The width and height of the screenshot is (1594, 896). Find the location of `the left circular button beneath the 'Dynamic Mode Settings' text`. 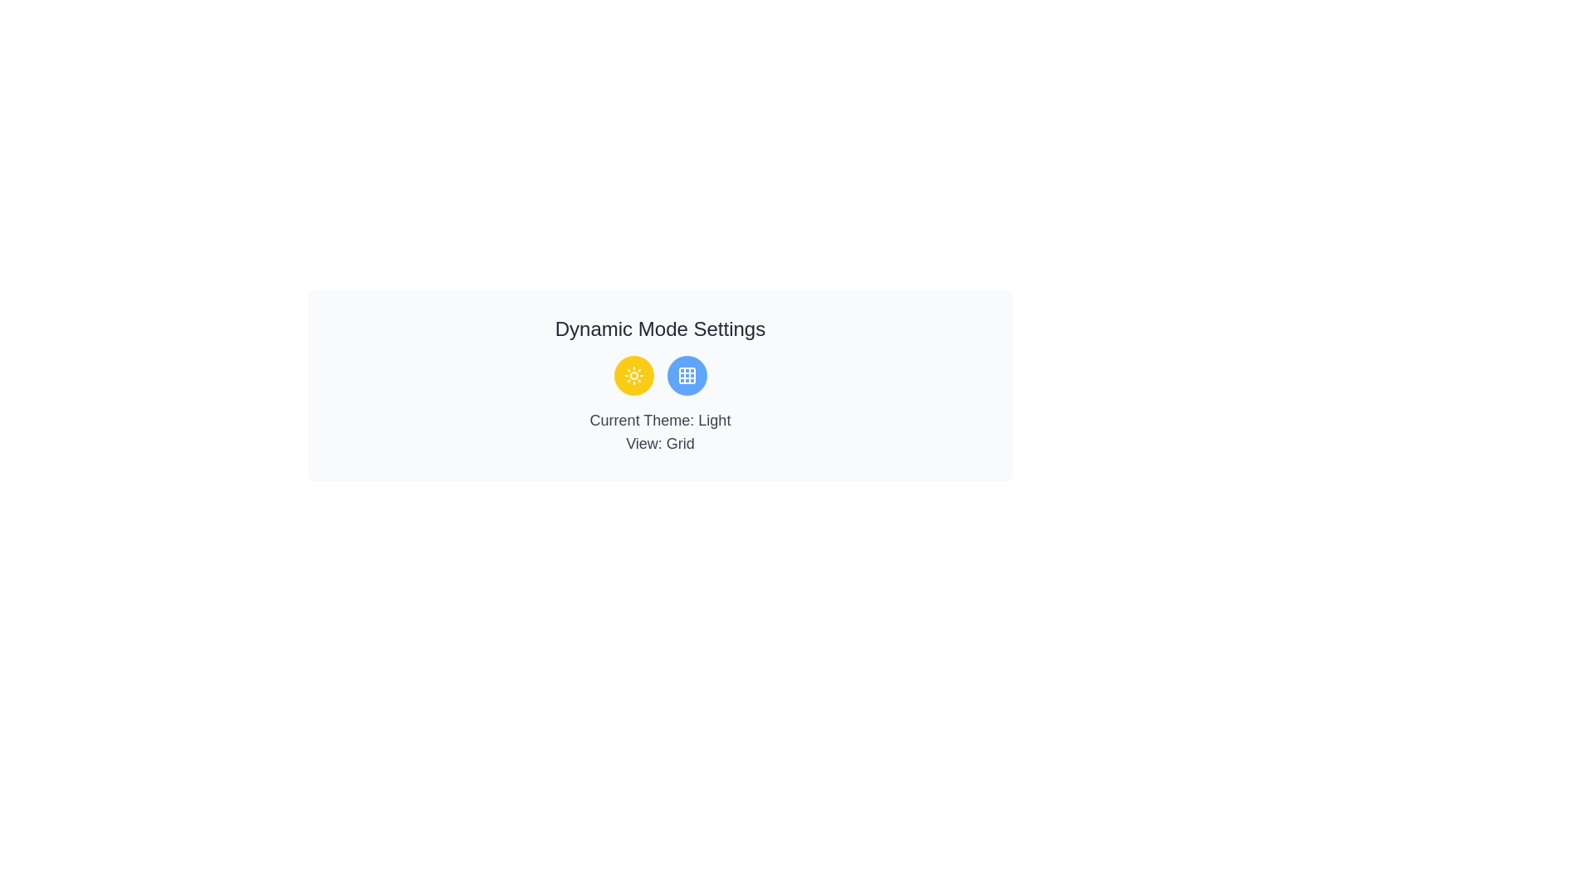

the left circular button beneath the 'Dynamic Mode Settings' text is located at coordinates (633, 375).